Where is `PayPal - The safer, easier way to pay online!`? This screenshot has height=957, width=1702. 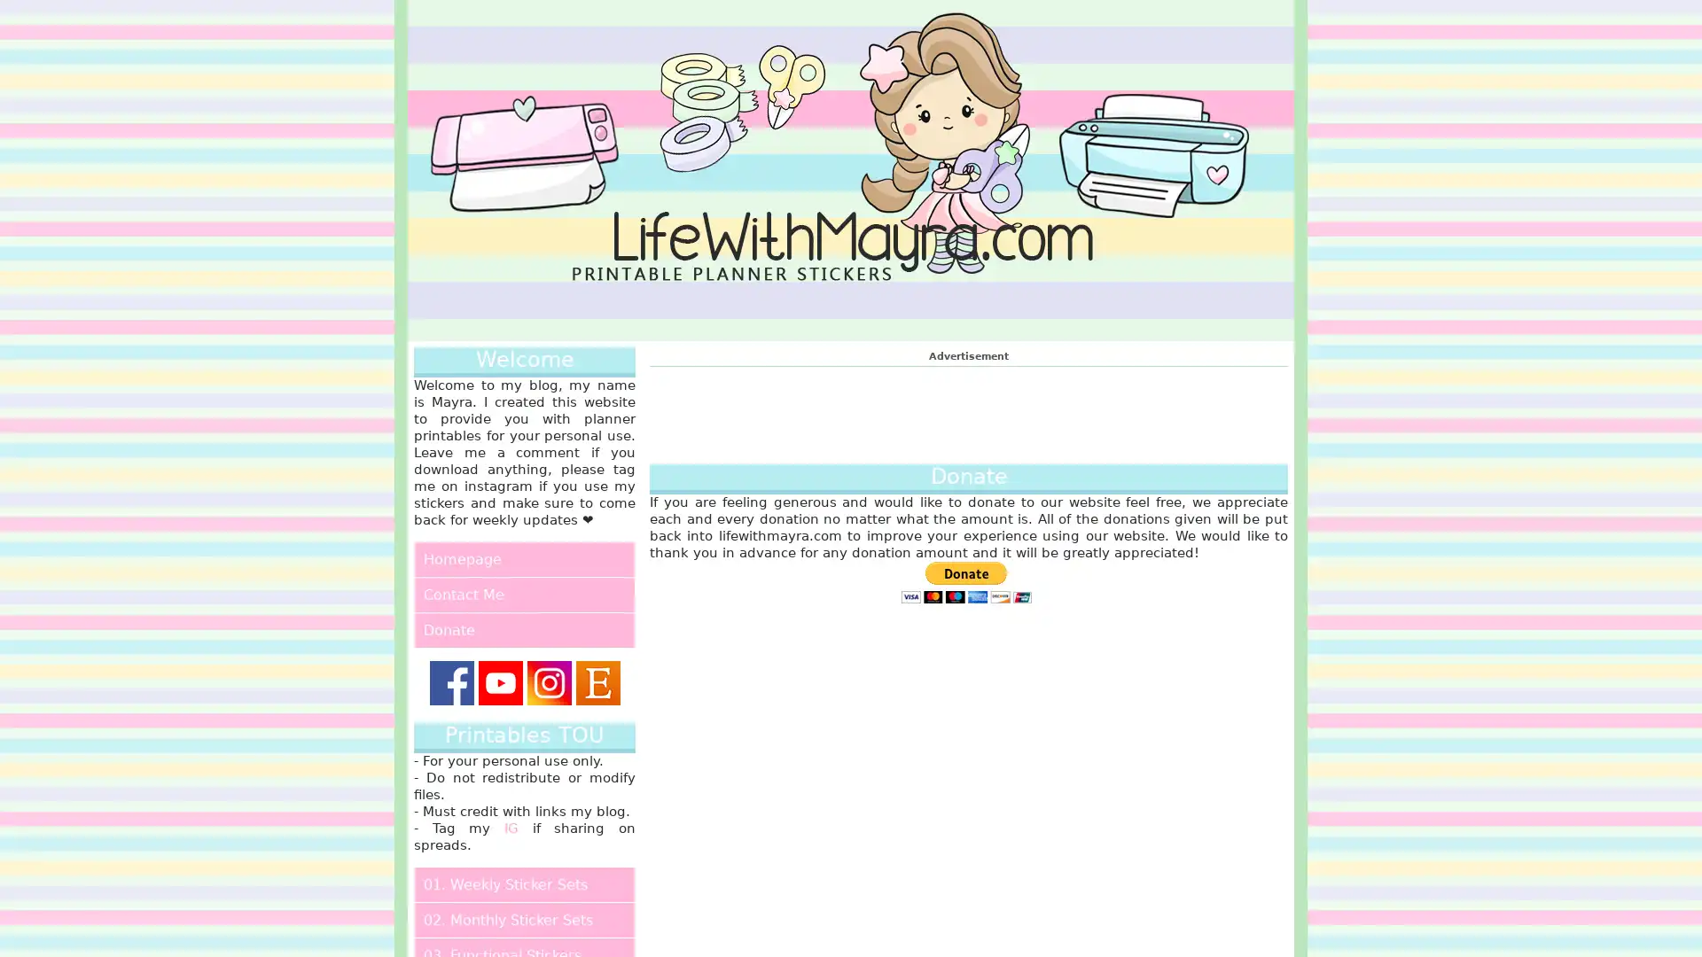
PayPal - The safer, easier way to pay online! is located at coordinates (964, 582).